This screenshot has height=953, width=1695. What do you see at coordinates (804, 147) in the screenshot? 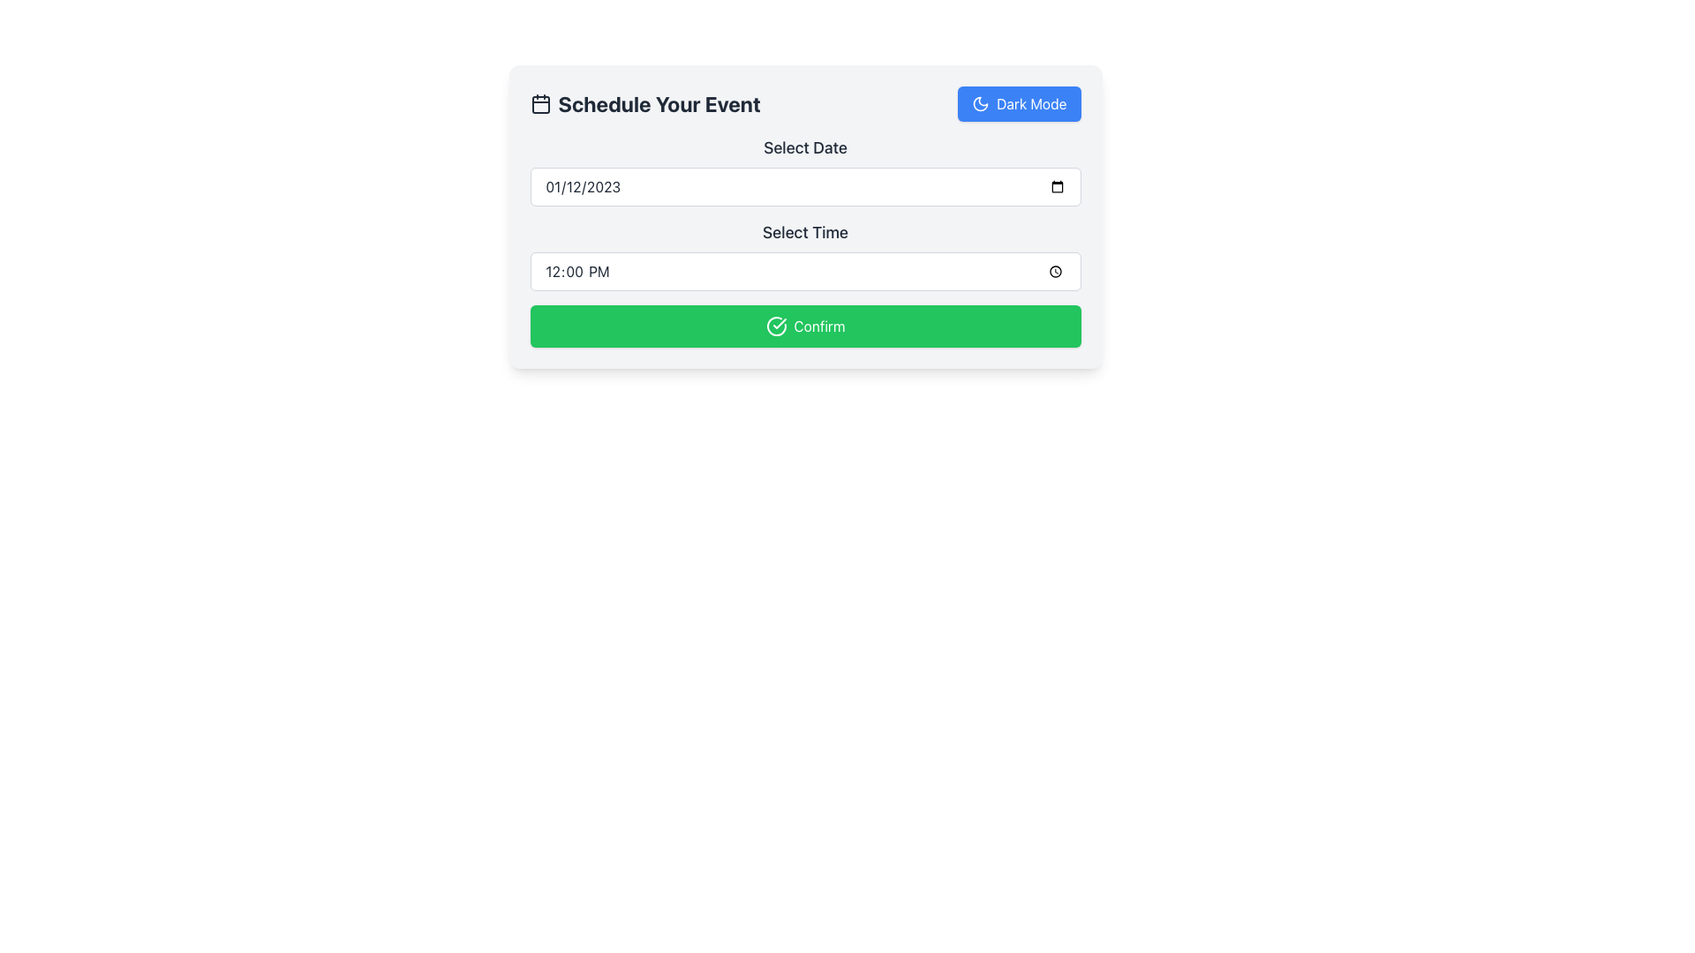
I see `the Text Label that serves as a guide for the date input field in the 'Schedule Your Event' section` at bounding box center [804, 147].